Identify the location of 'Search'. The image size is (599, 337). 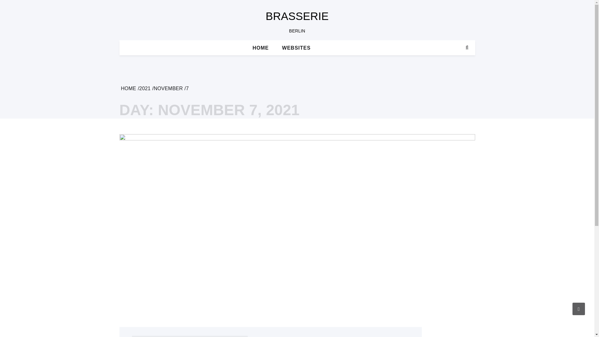
(467, 47).